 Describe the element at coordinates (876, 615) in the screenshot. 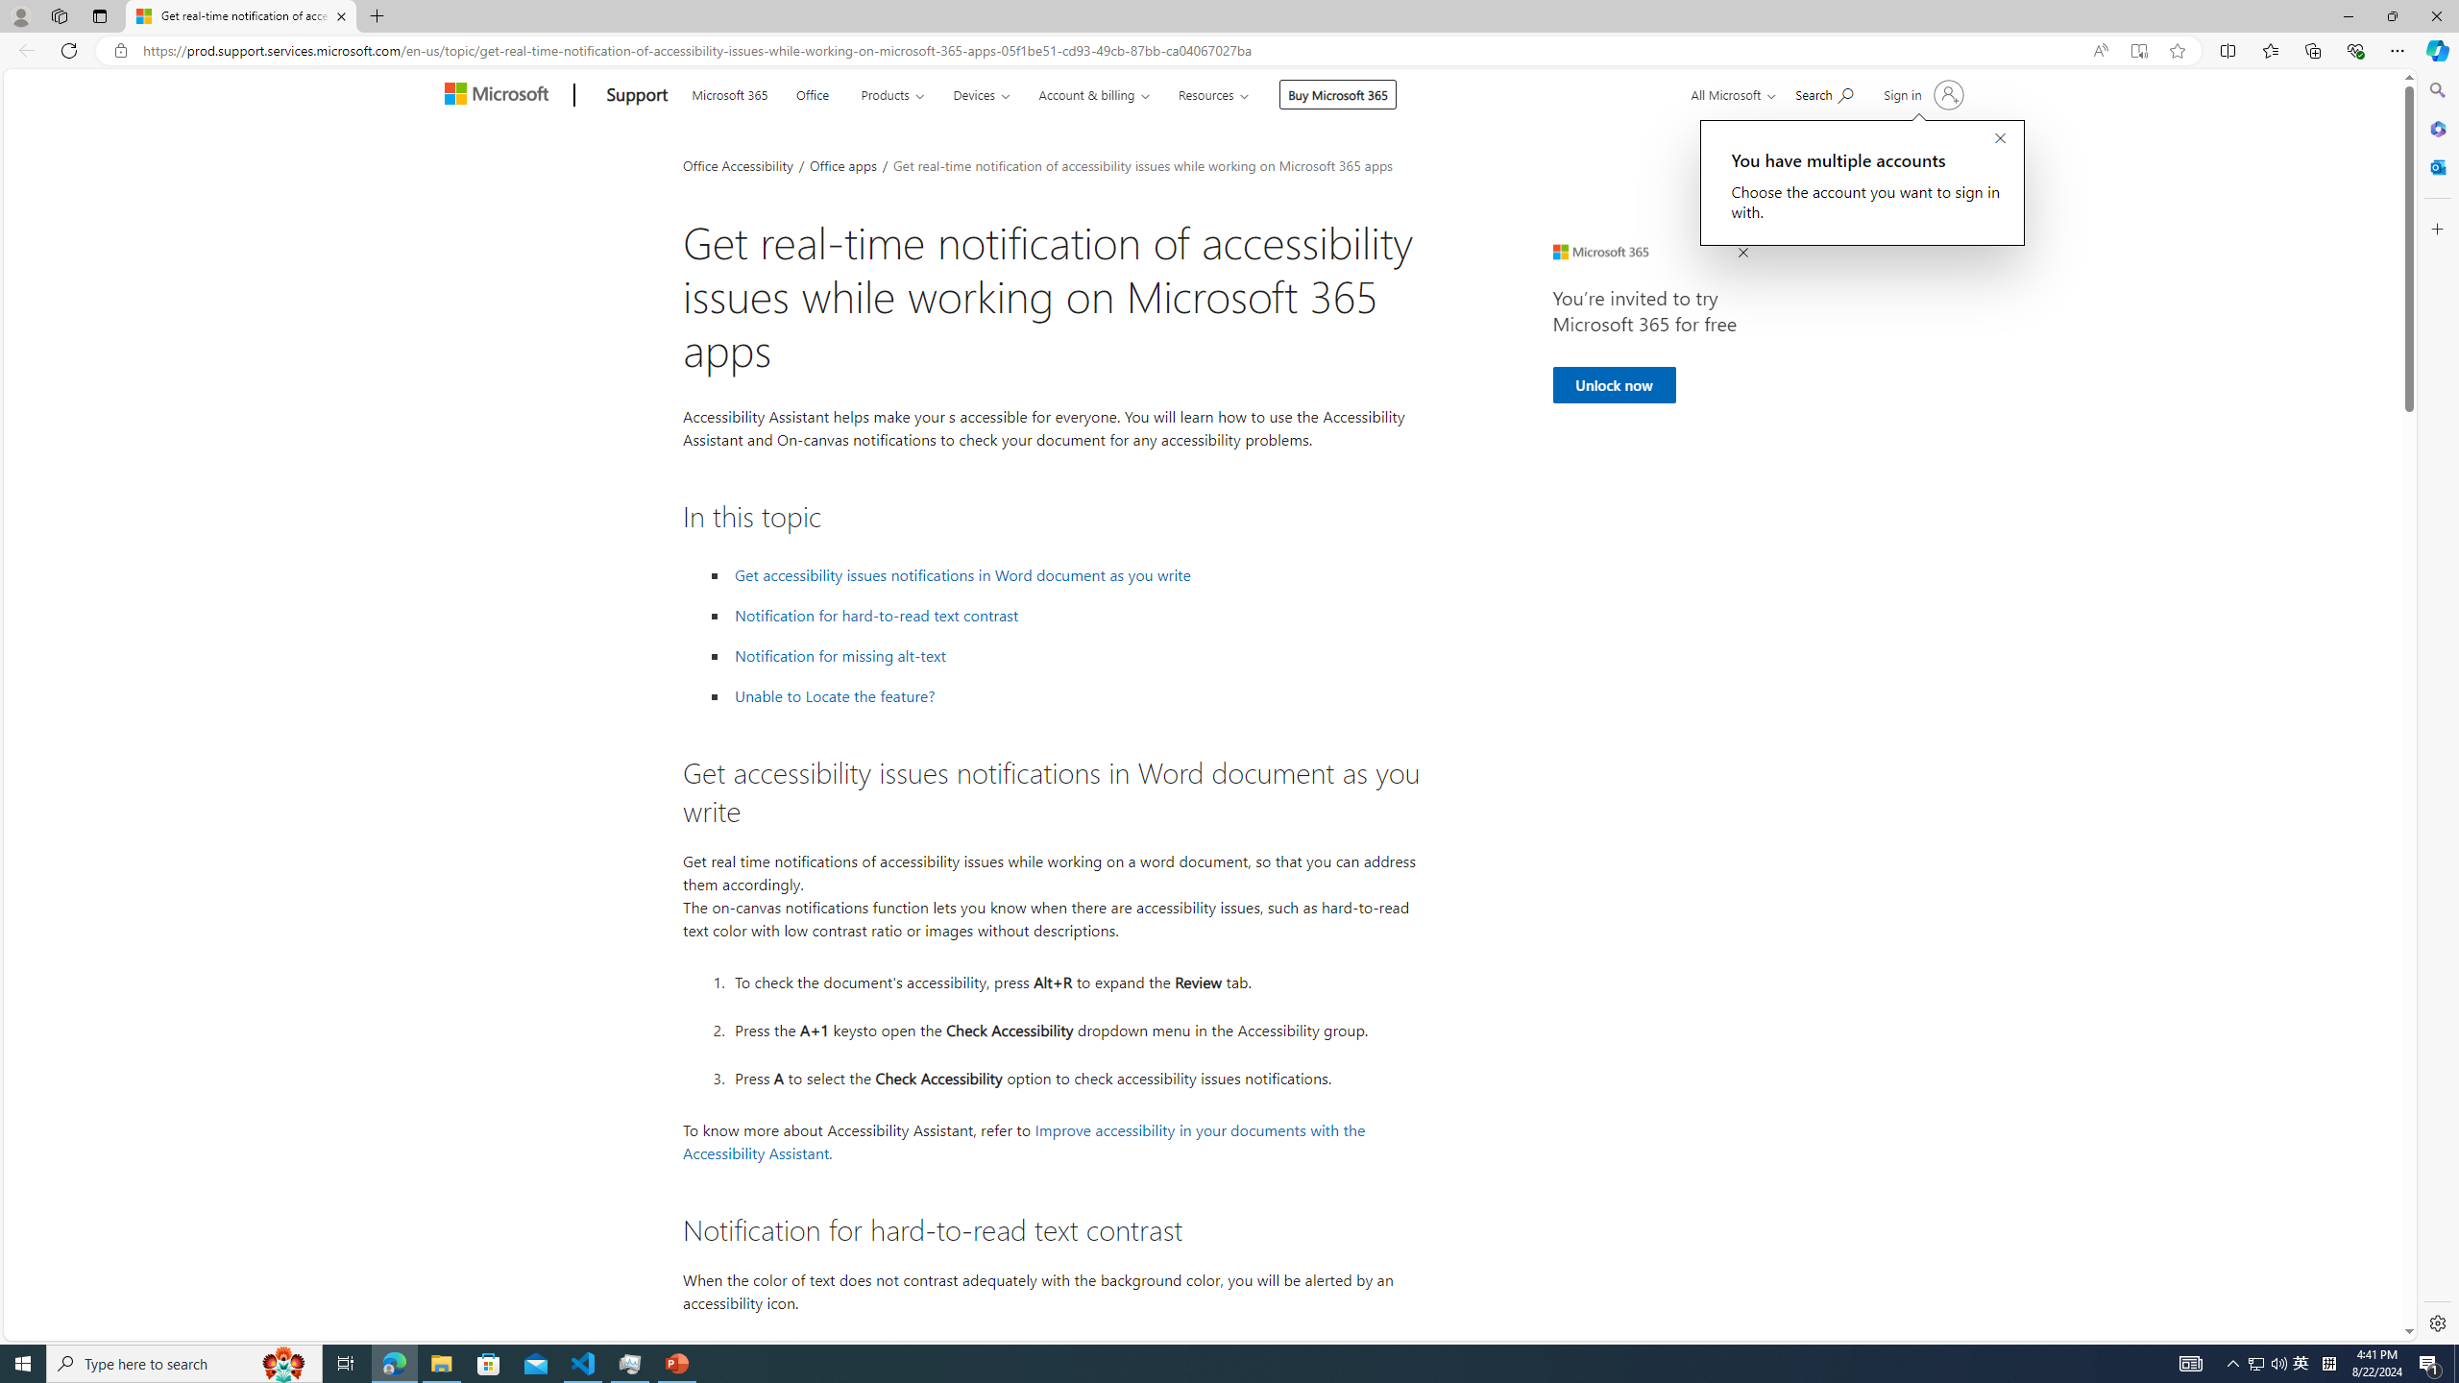

I see `' Notification for hard-to-read text contrast'` at that location.